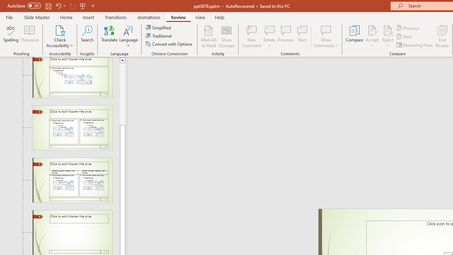 Image resolution: width=453 pixels, height=255 pixels. Describe the element at coordinates (252, 36) in the screenshot. I see `'New Comment'` at that location.